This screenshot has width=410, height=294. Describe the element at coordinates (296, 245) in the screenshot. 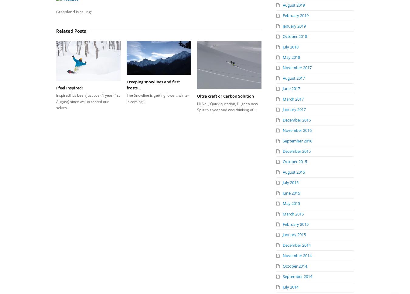

I see `'December 2014'` at that location.